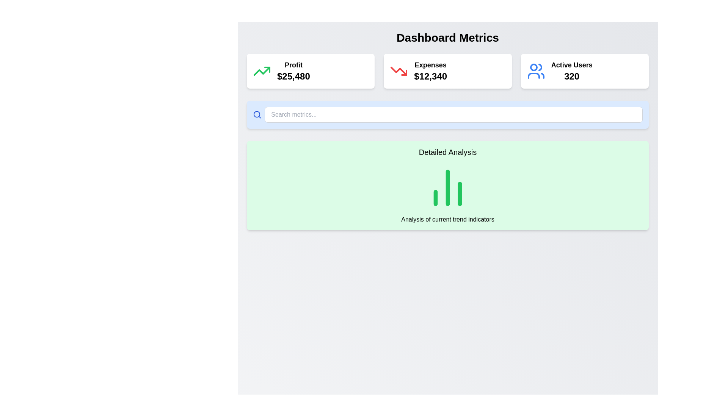  Describe the element at coordinates (399, 71) in the screenshot. I see `the downward trend SVG icon located at the upper part of the interface, near the center horizontally, and aligned with the 'Expenses' card` at that location.